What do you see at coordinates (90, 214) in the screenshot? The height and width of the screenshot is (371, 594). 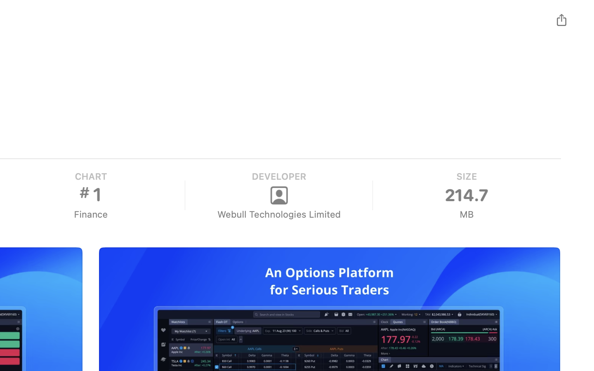 I see `'Finance'` at bounding box center [90, 214].